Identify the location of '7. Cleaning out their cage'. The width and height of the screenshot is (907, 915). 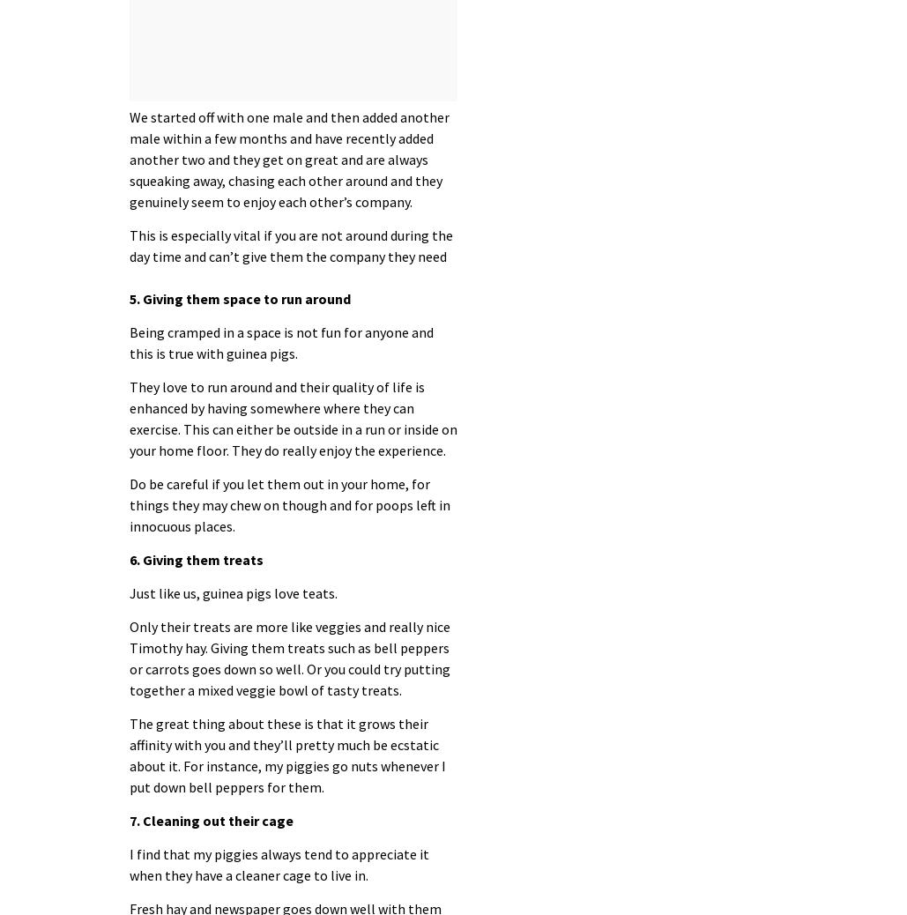
(210, 820).